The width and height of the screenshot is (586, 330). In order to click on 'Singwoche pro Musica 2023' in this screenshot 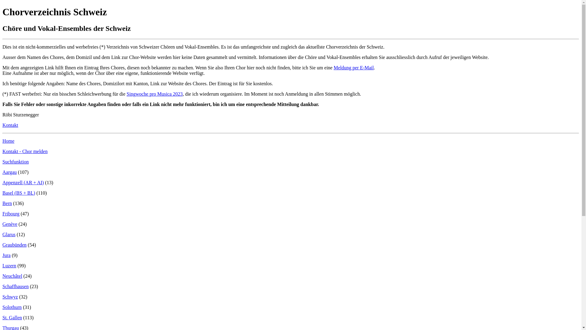, I will do `click(155, 94)`.